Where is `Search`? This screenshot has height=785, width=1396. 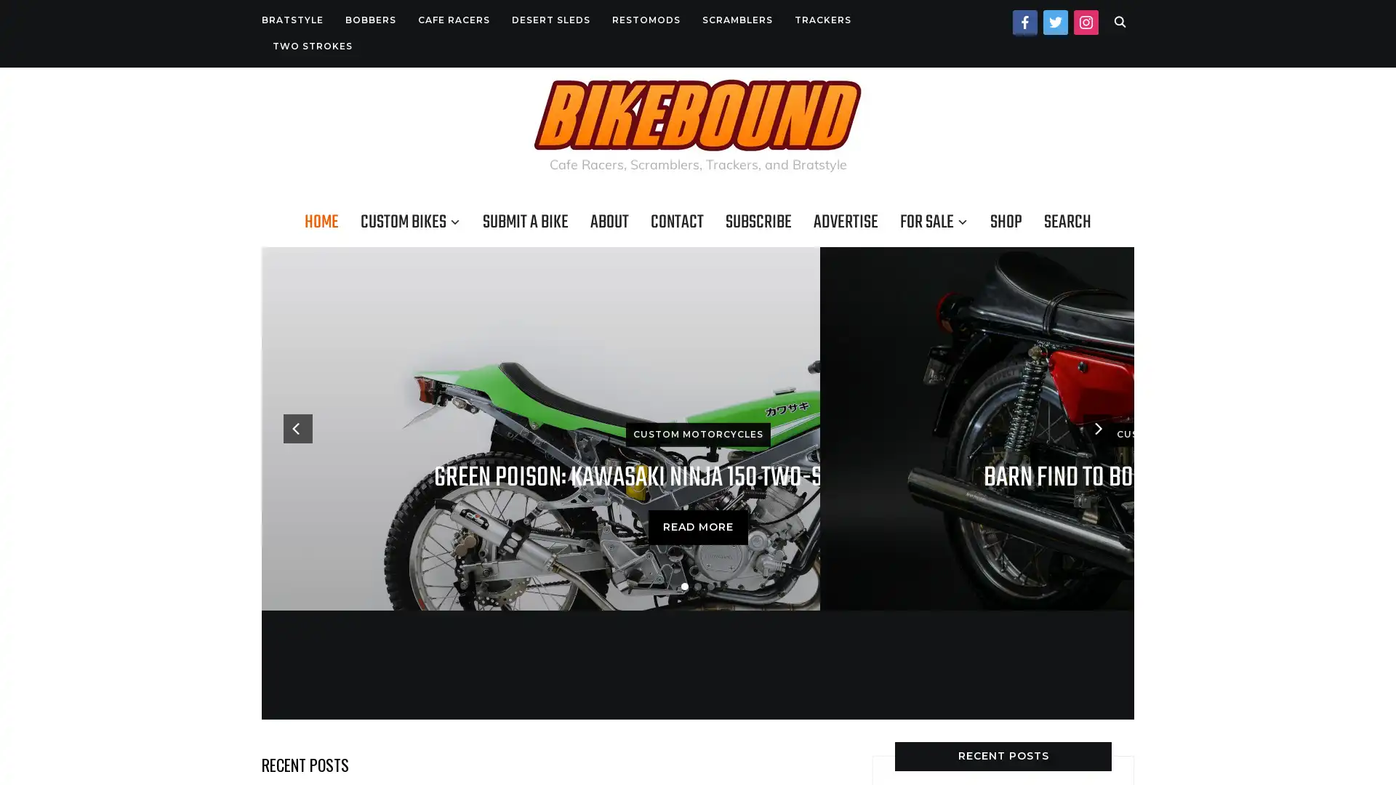 Search is located at coordinates (1119, 22).